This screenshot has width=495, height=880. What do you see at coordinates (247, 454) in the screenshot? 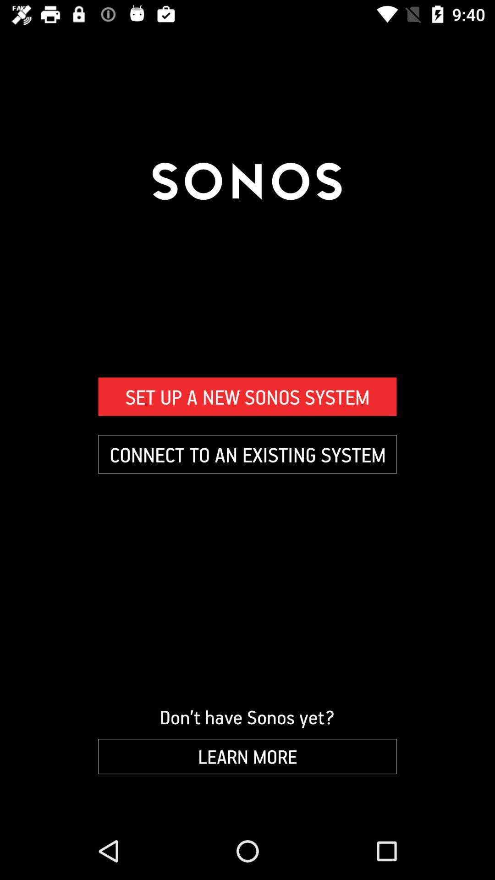
I see `item above the don t have` at bounding box center [247, 454].